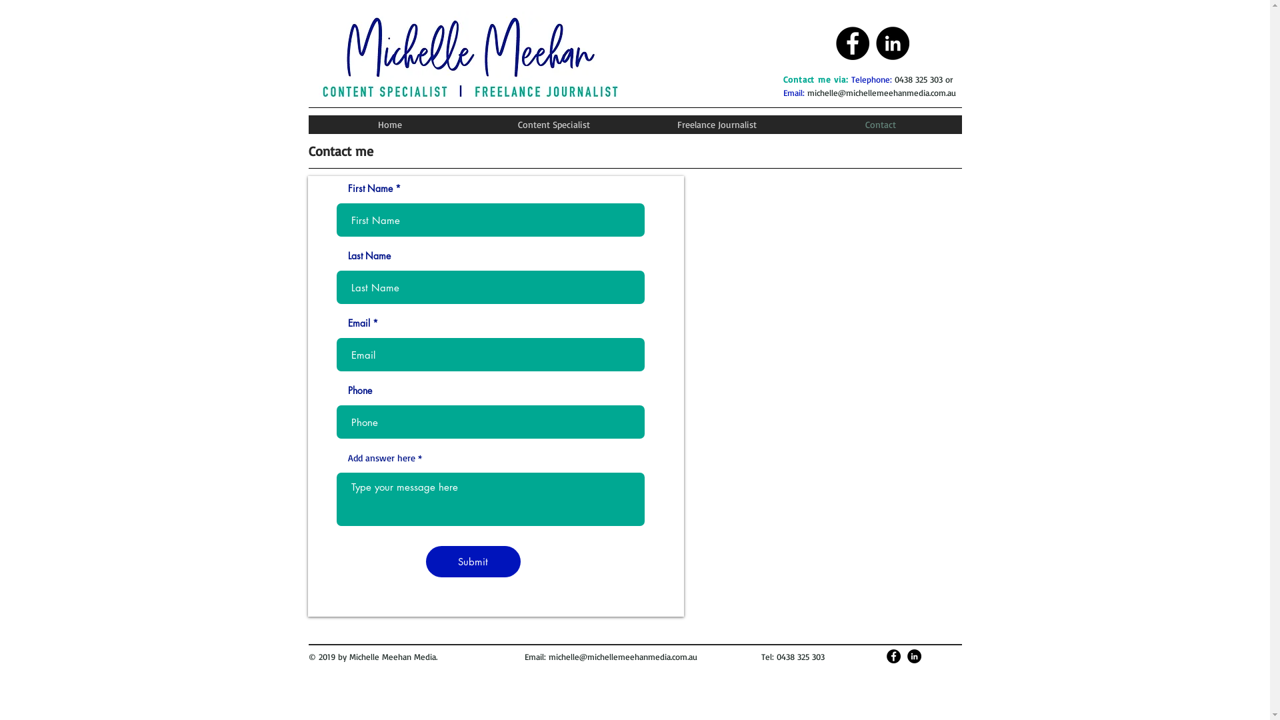 Image resolution: width=1280 pixels, height=720 pixels. Describe the element at coordinates (715, 124) in the screenshot. I see `'Freelance Journalist'` at that location.